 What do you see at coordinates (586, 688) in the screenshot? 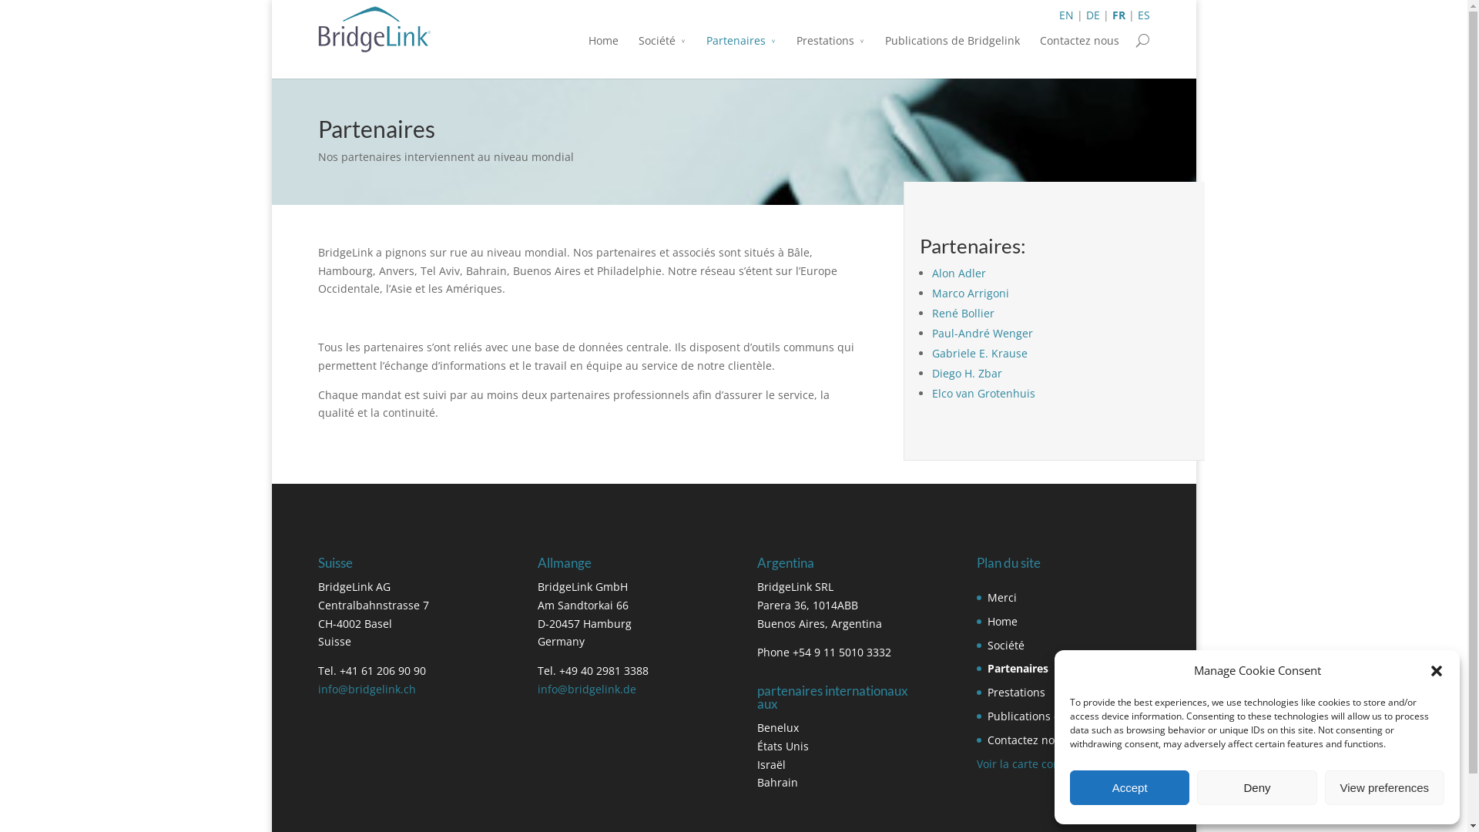
I see `'info@bridgelink.de'` at bounding box center [586, 688].